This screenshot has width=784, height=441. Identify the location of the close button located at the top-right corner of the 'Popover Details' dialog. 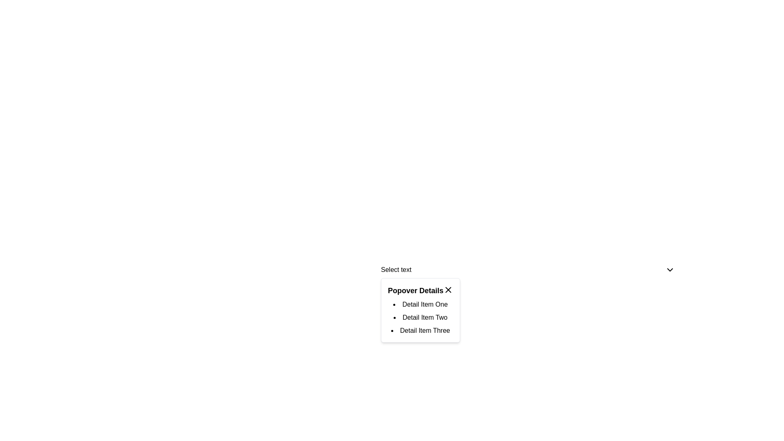
(448, 289).